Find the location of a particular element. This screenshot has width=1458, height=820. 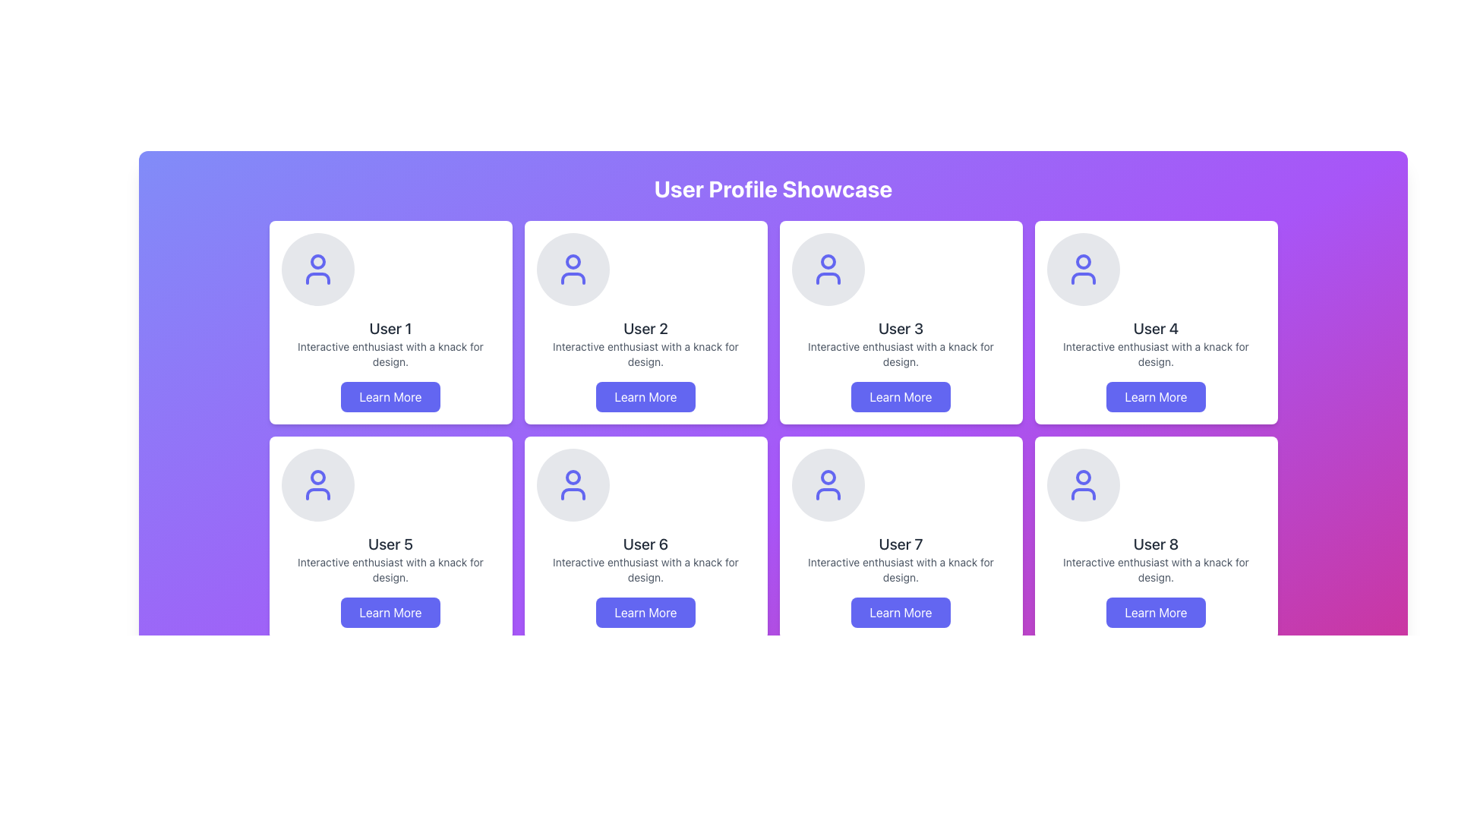

the Card UI element that introduces 'User 5', located in the second row and first column of the grid layout is located at coordinates (390, 538).